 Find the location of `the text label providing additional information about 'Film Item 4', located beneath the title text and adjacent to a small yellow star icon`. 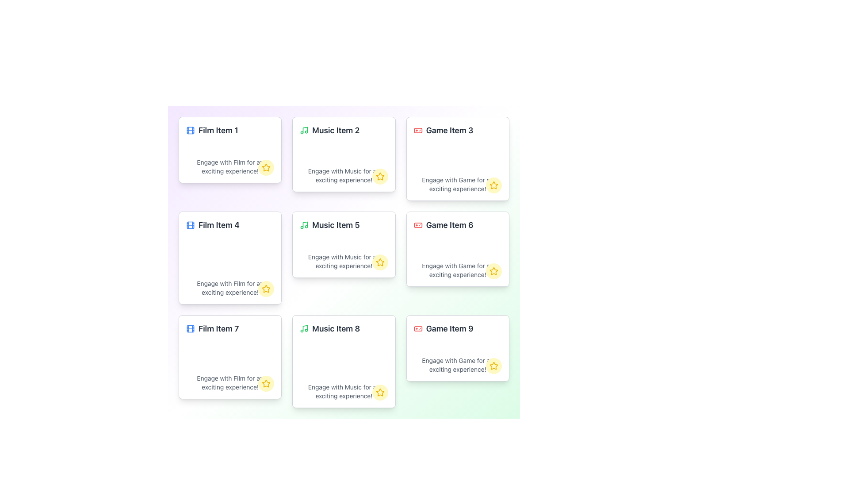

the text label providing additional information about 'Film Item 4', located beneath the title text and adjacent to a small yellow star icon is located at coordinates (230, 288).